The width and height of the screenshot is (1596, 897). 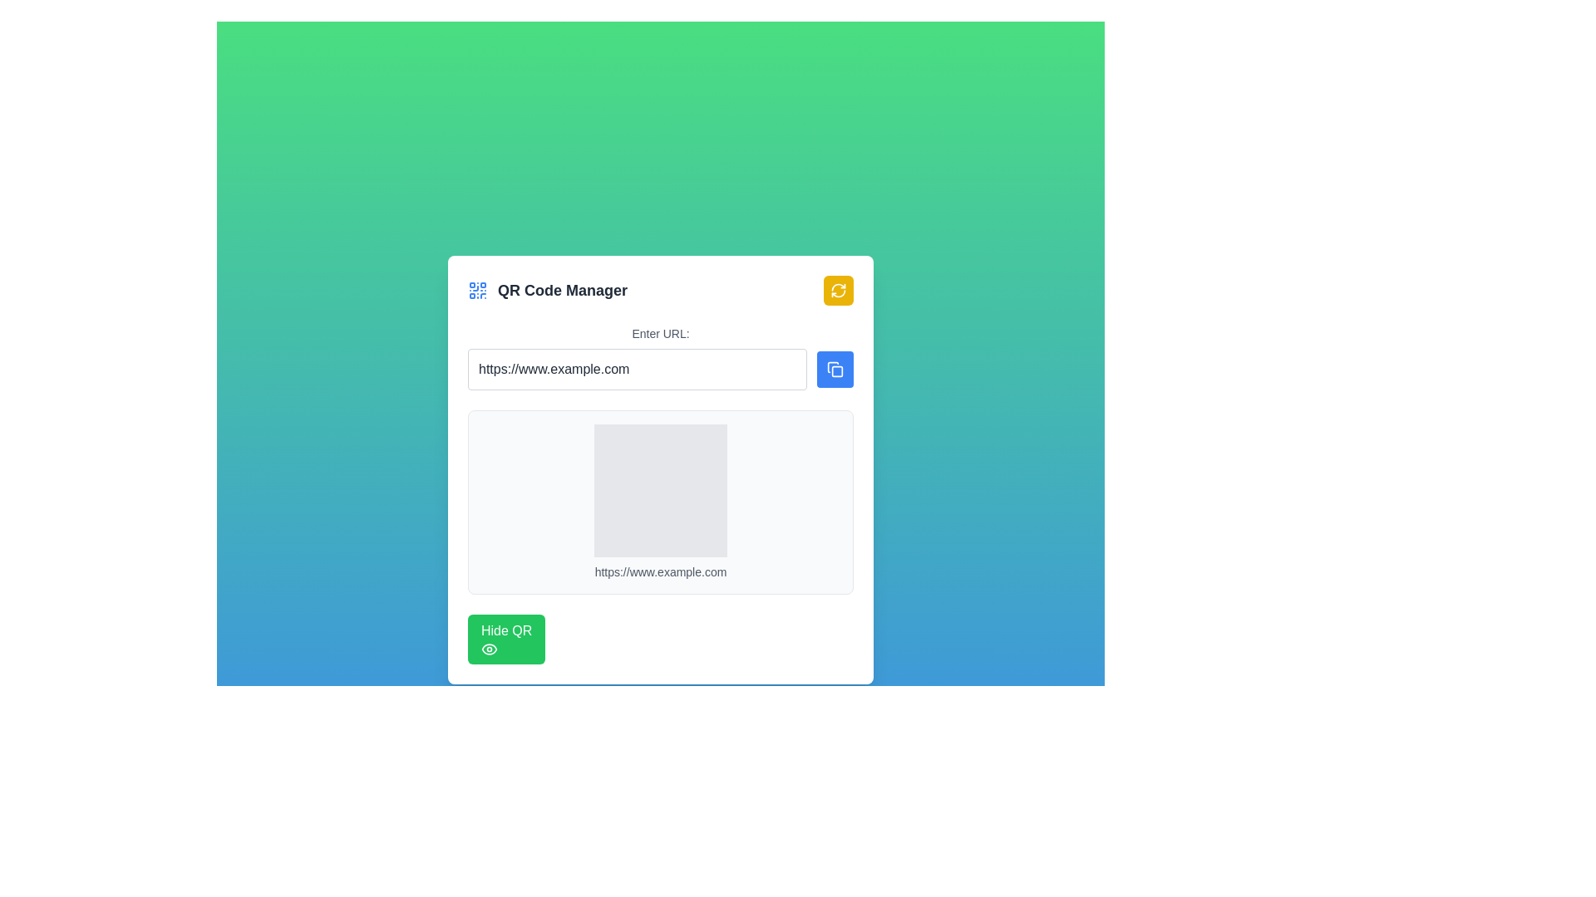 I want to click on the copy icon represented by two overlapping squares with rounded corners, located at the center of a blue button, so click(x=835, y=368).